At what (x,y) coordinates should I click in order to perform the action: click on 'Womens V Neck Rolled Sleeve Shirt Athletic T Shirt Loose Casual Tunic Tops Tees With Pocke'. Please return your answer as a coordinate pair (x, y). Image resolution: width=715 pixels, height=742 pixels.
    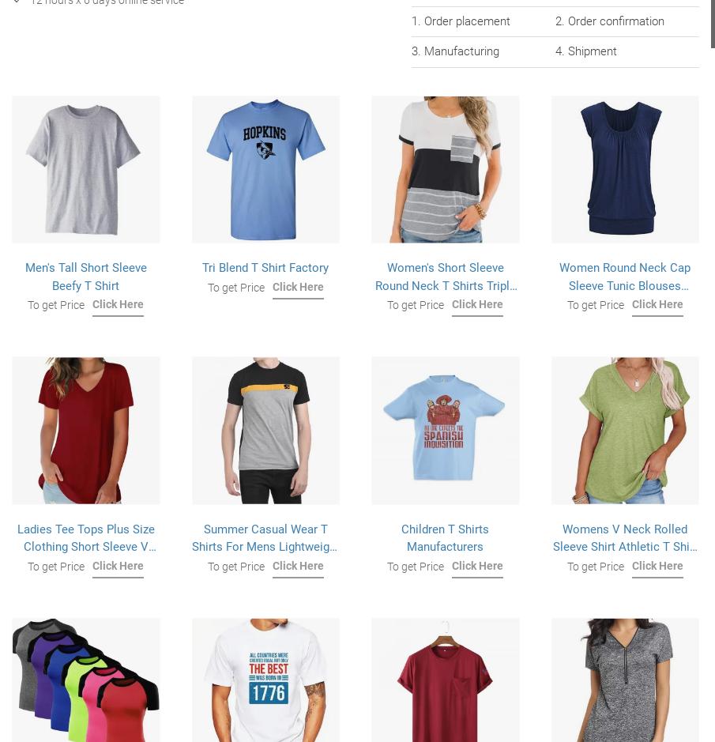
    Looking at the image, I should click on (624, 555).